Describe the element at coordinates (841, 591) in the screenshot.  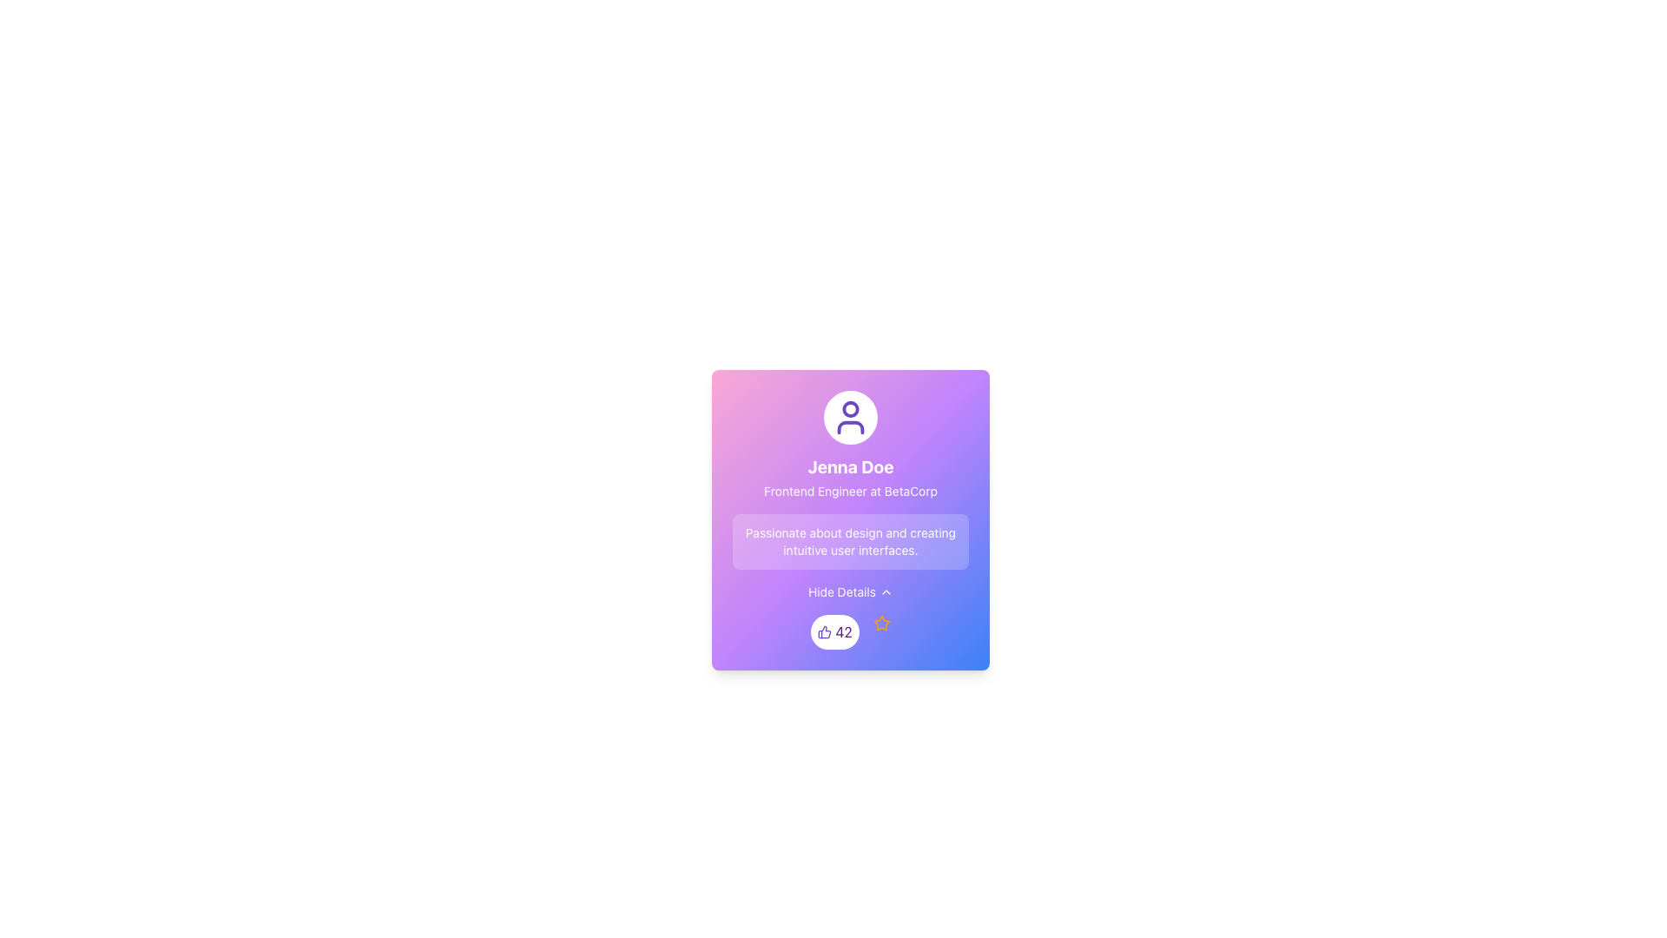
I see `the 'Hide Details' label, which is a modern sans-serif text label located at the lower-center portion of the card` at that location.